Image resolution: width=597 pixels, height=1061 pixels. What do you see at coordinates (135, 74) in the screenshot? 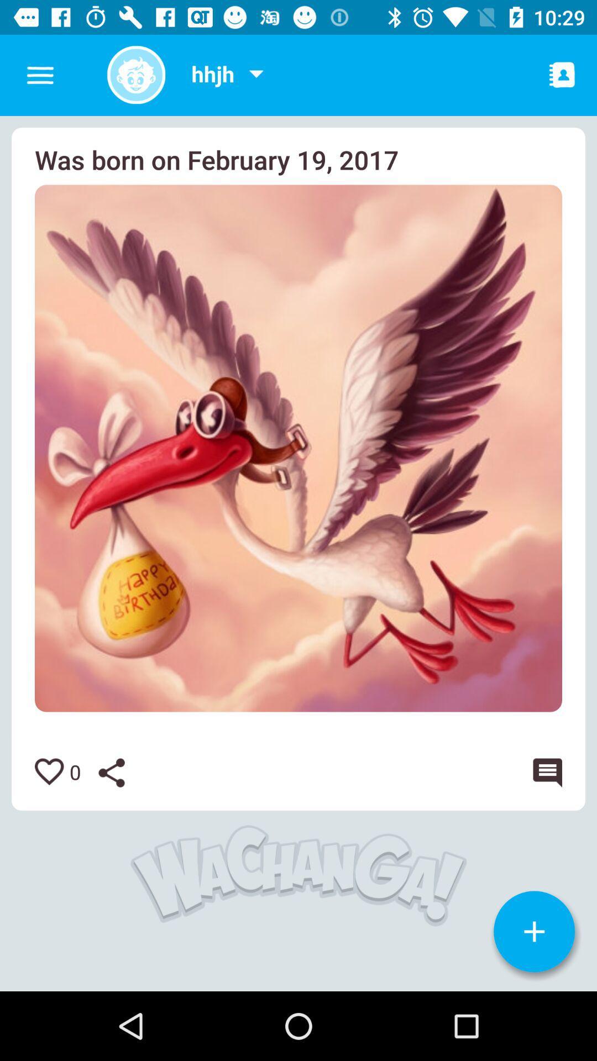
I see `profile page photo` at bounding box center [135, 74].